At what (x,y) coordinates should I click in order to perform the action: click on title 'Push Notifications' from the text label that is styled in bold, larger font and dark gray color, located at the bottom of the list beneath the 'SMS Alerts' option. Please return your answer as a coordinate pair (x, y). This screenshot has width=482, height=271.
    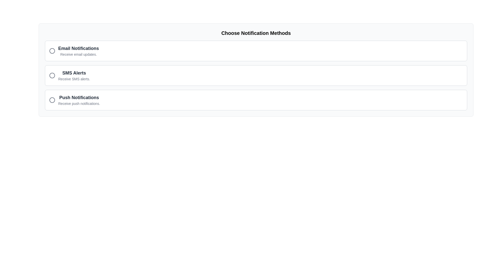
    Looking at the image, I should click on (79, 98).